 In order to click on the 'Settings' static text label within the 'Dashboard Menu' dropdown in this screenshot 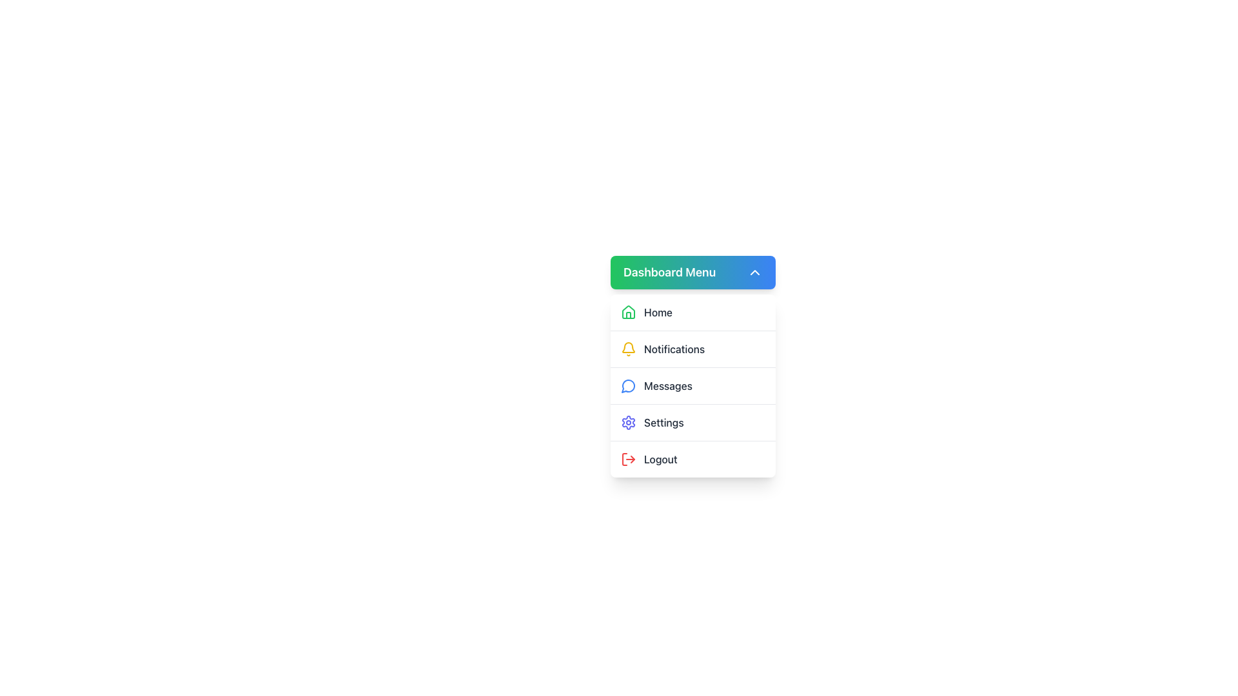, I will do `click(663, 422)`.